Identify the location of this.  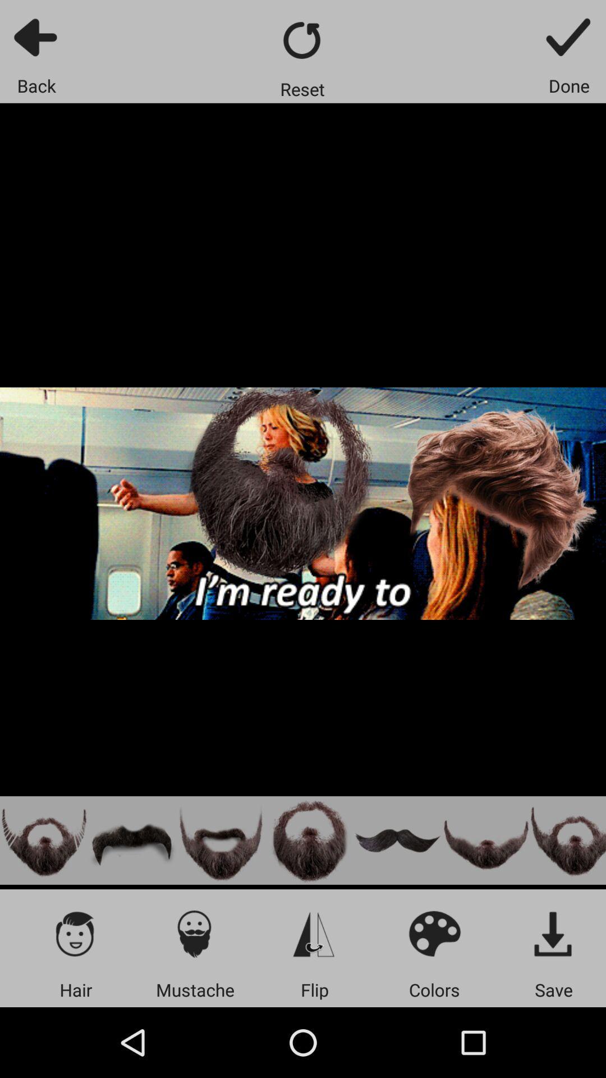
(221, 841).